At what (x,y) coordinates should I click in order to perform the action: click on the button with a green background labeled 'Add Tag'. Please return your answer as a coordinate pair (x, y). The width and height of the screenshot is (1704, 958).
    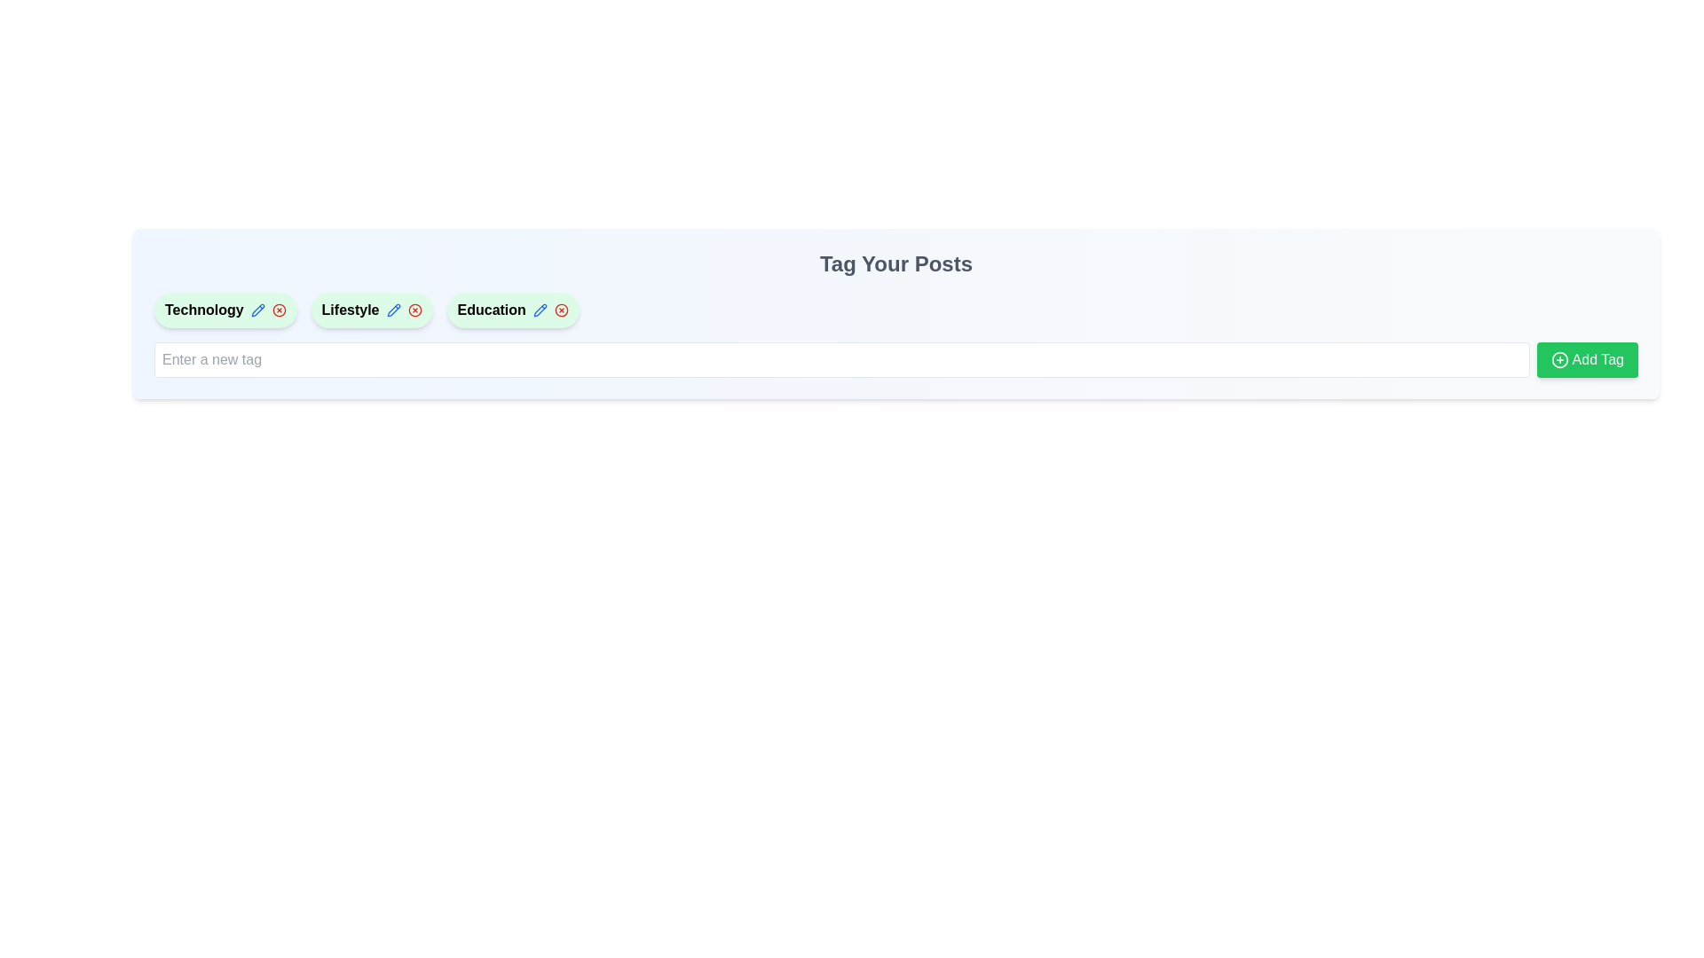
    Looking at the image, I should click on (1587, 359).